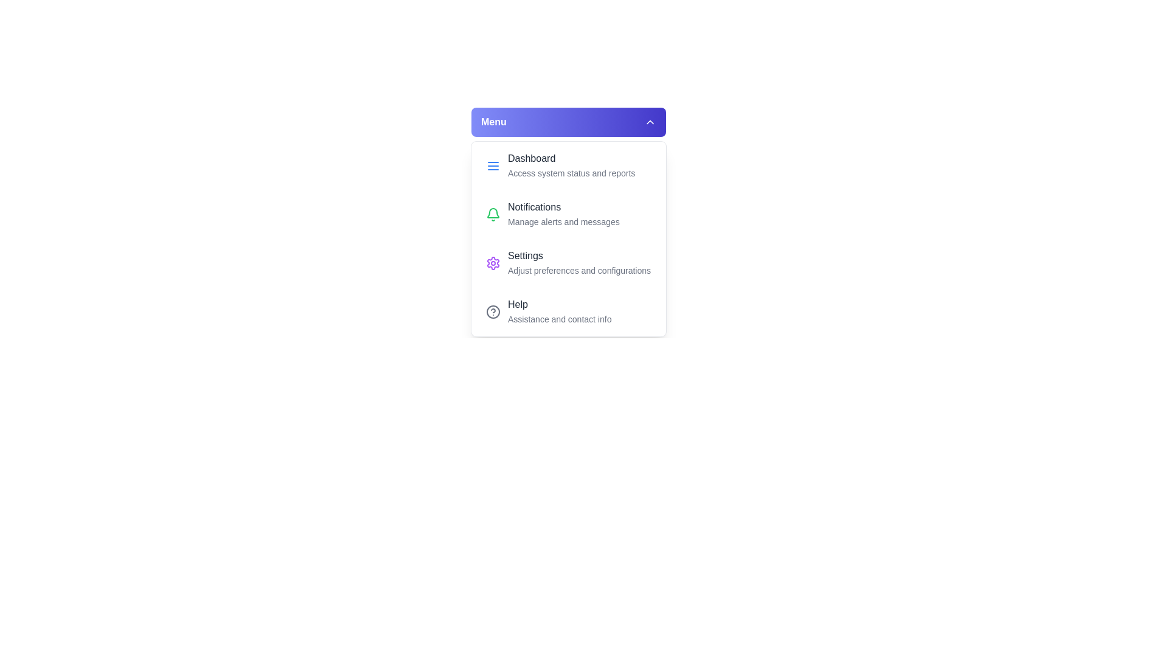  I want to click on the 'Settings' button with a purple settings icon, located in the dropdown menu below 'Notifications' and above 'Help', so click(568, 262).